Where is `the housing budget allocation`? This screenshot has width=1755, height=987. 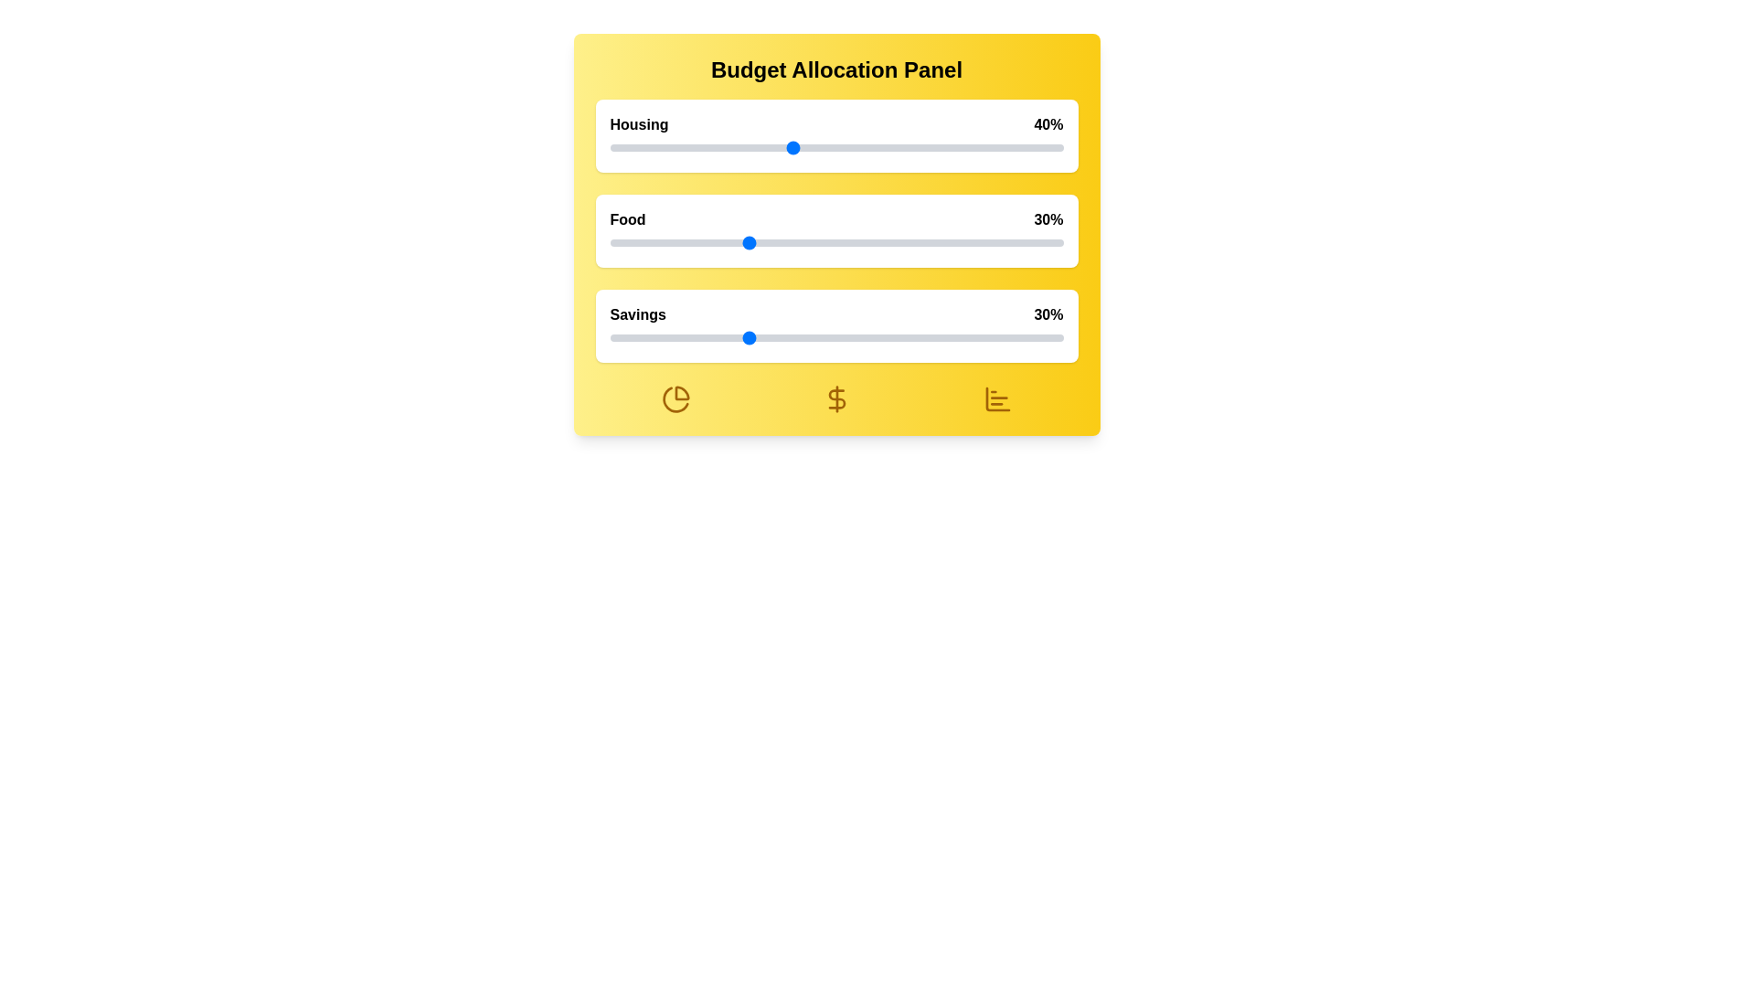
the housing budget allocation is located at coordinates (750, 147).